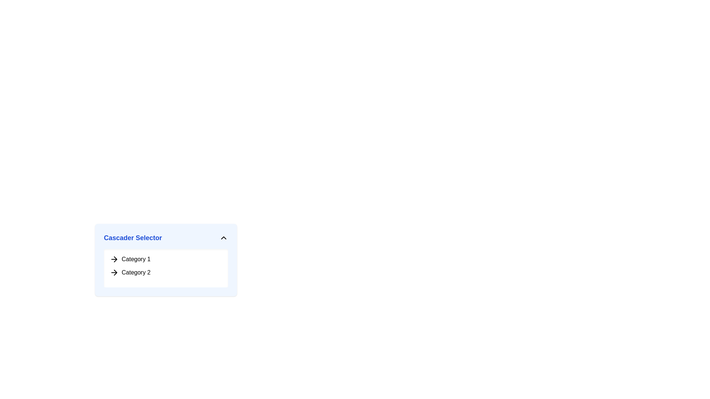 The image size is (710, 399). Describe the element at coordinates (223, 238) in the screenshot. I see `the chevron icon on the rightmost side of the 'Cascader Selector' header` at that location.